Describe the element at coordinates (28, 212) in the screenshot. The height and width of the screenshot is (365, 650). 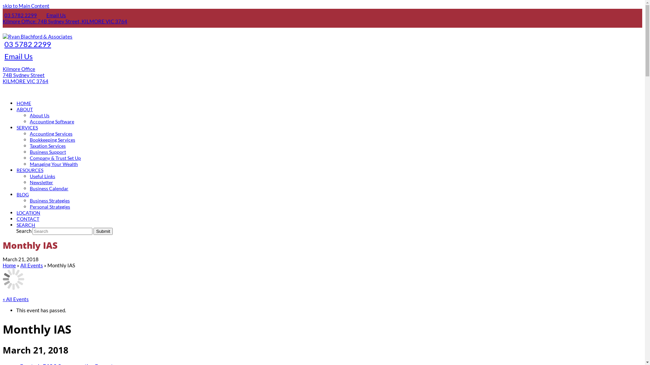
I see `'LOCATION'` at that location.